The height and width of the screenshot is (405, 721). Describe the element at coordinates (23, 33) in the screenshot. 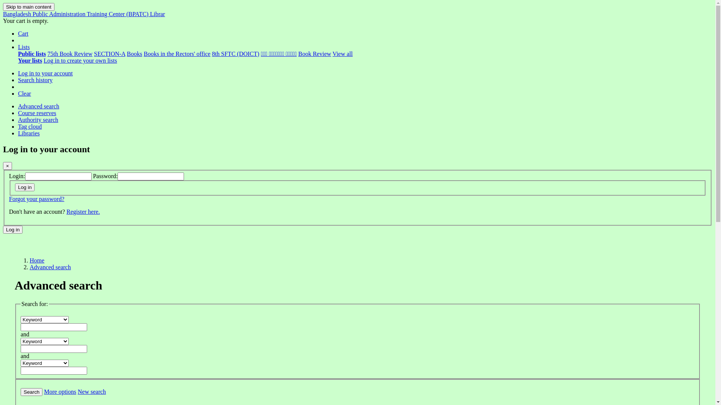

I see `'Cart'` at that location.